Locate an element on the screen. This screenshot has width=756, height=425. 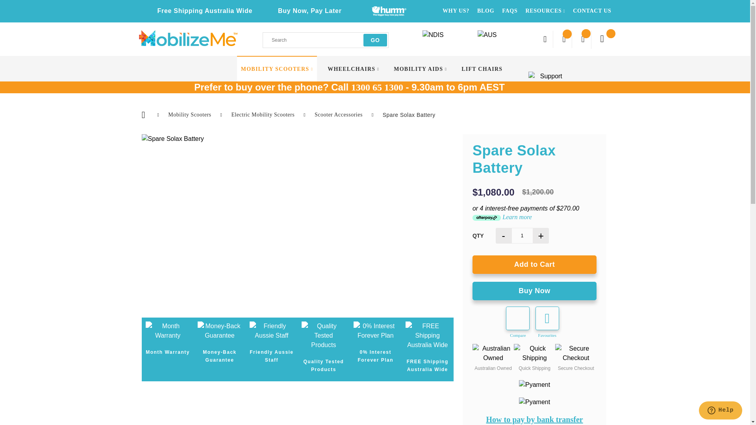
'Secure Checkout' is located at coordinates (576, 353).